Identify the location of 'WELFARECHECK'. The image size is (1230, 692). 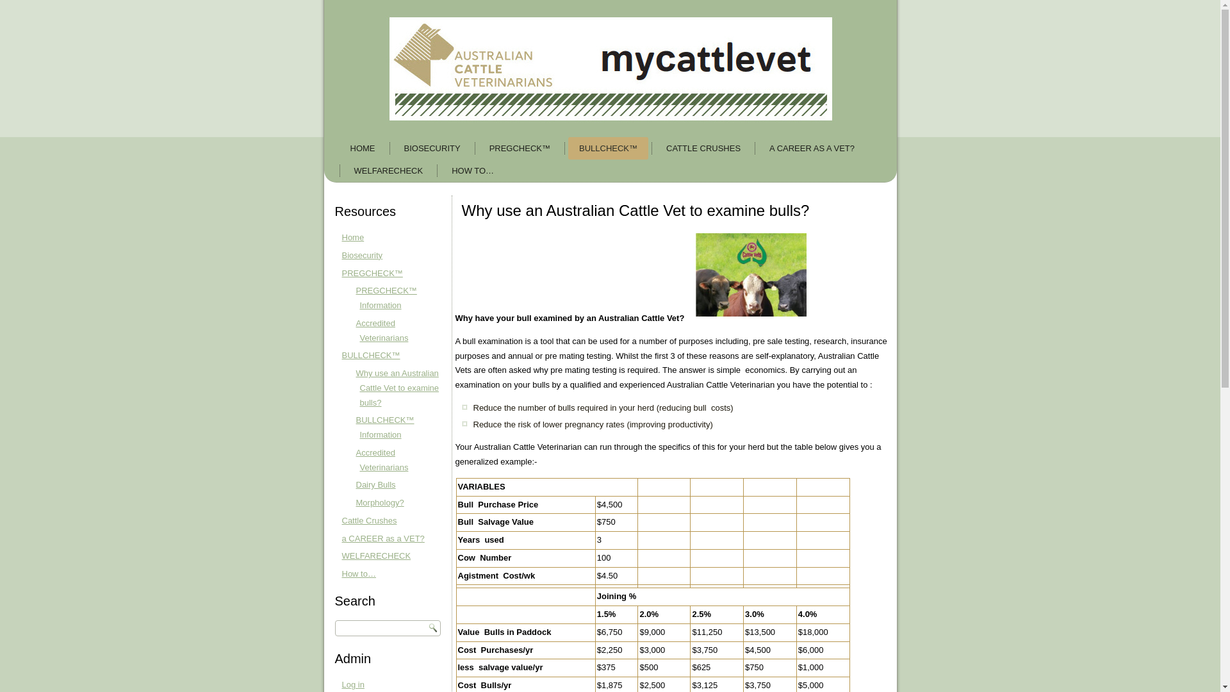
(388, 170).